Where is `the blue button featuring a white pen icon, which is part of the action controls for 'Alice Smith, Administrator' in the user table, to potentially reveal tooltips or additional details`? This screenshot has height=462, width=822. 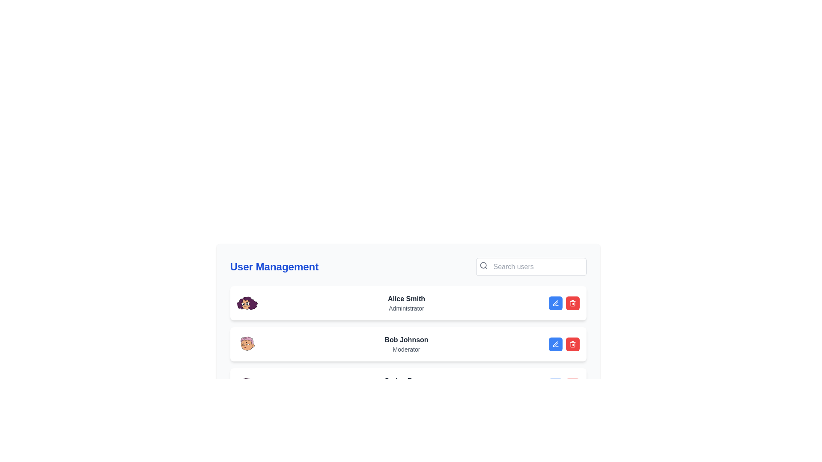 the blue button featuring a white pen icon, which is part of the action controls for 'Alice Smith, Administrator' in the user table, to potentially reveal tooltips or additional details is located at coordinates (555, 303).